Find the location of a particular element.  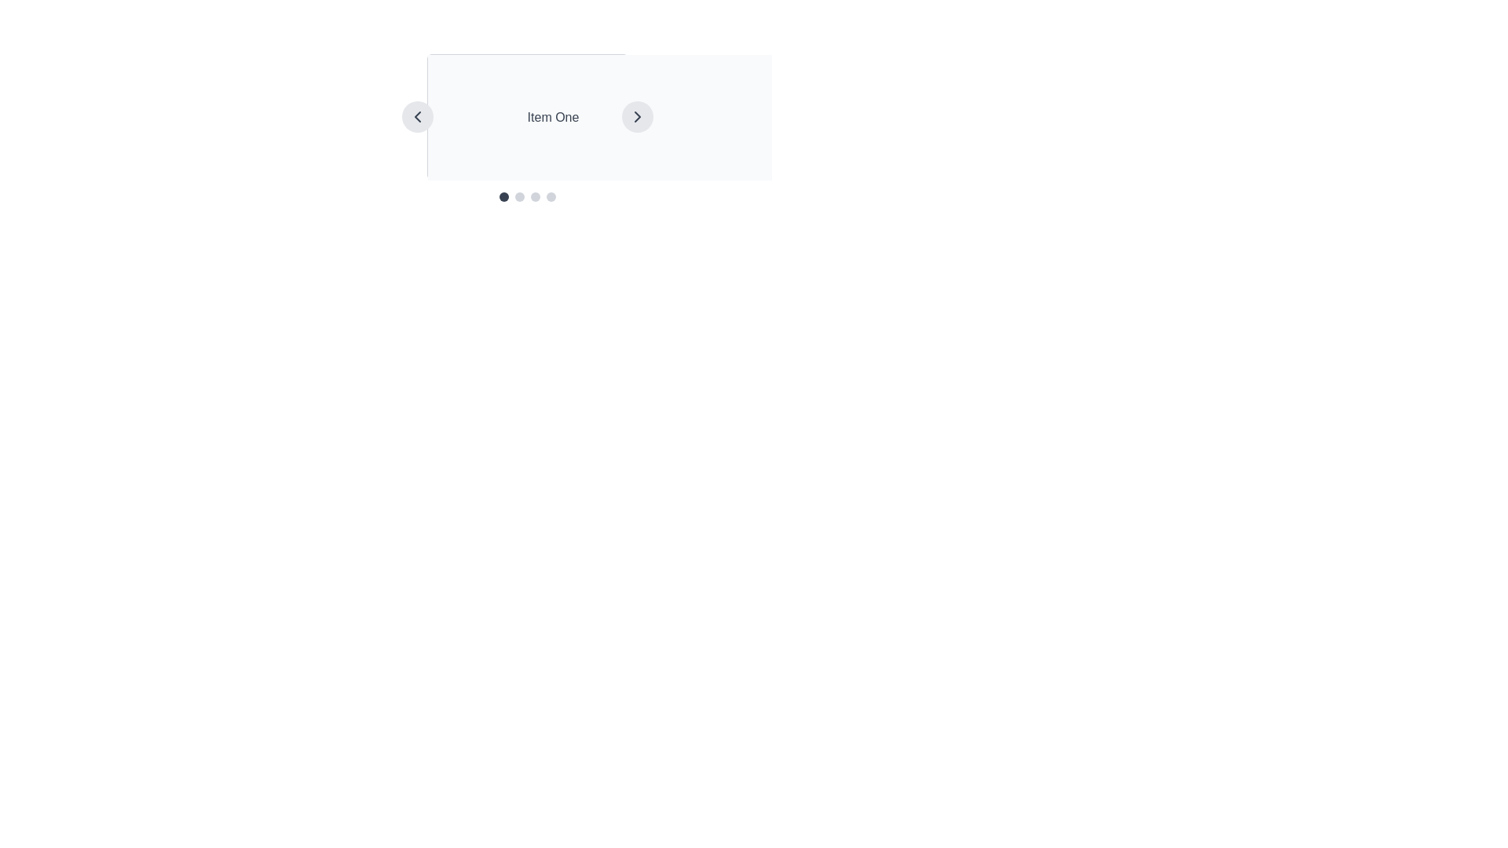

the 'Item One' text label in dark gray, located at the center of the carousel card to focus on it is located at coordinates (527, 126).